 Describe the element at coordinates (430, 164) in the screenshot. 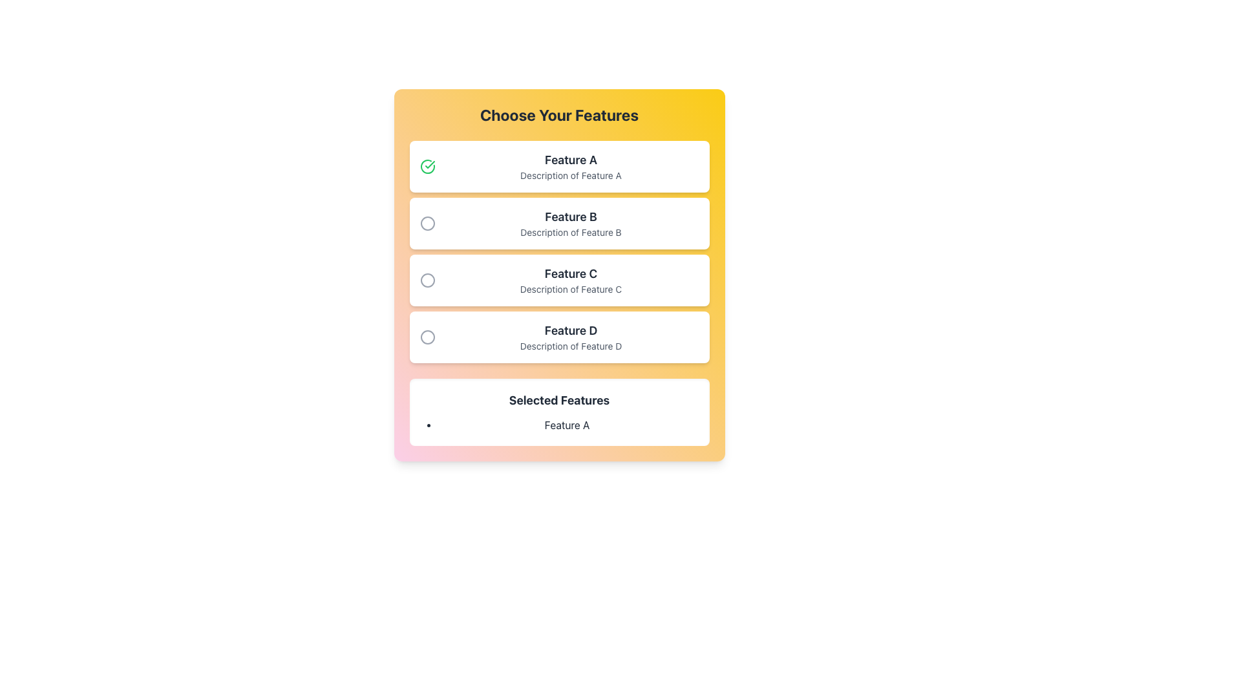

I see `the checkmark styled glyph located within the green circular icon to the left of the 'Feature A' label in the first feature option` at that location.